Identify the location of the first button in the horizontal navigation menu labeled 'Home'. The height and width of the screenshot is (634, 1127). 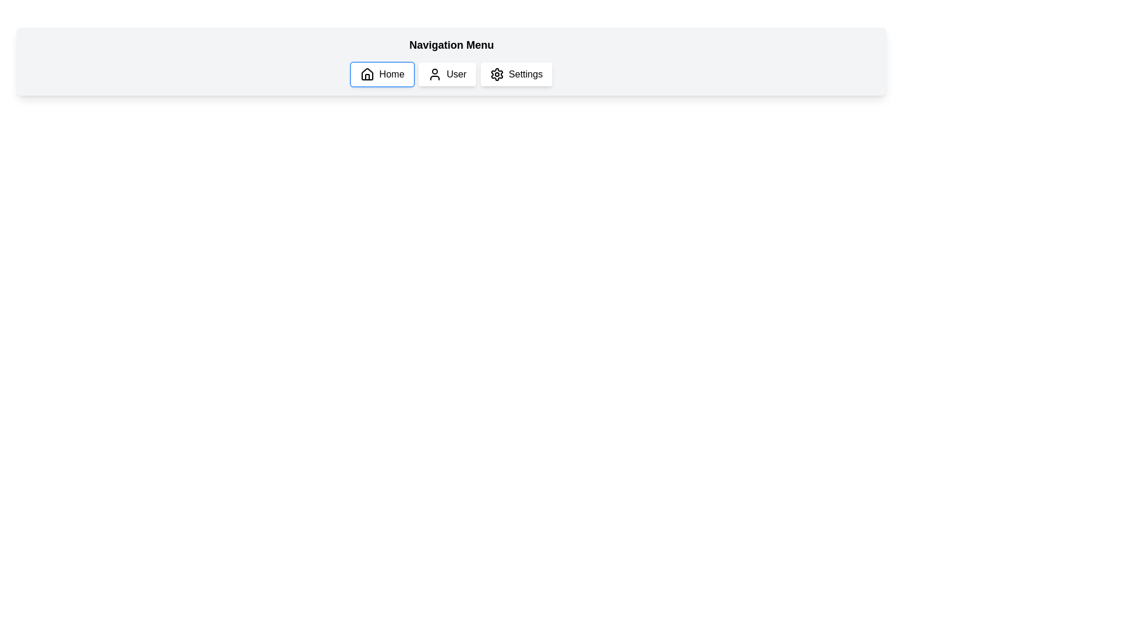
(382, 75).